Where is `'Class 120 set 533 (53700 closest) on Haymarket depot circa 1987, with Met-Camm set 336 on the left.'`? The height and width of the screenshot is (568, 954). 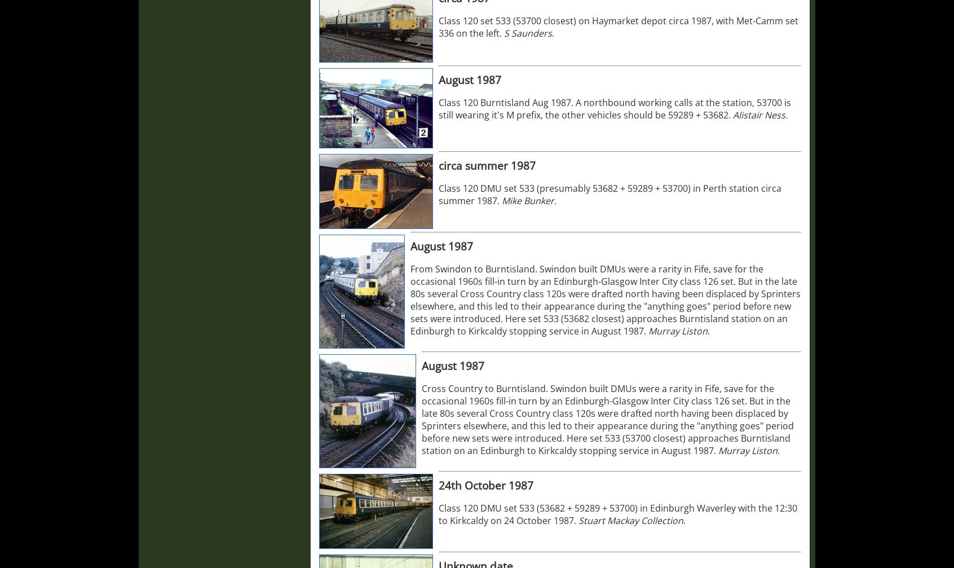 'Class 120 set 533 (53700 closest) on Haymarket depot circa 1987, with Met-Camm set 336 on the left.' is located at coordinates (618, 27).